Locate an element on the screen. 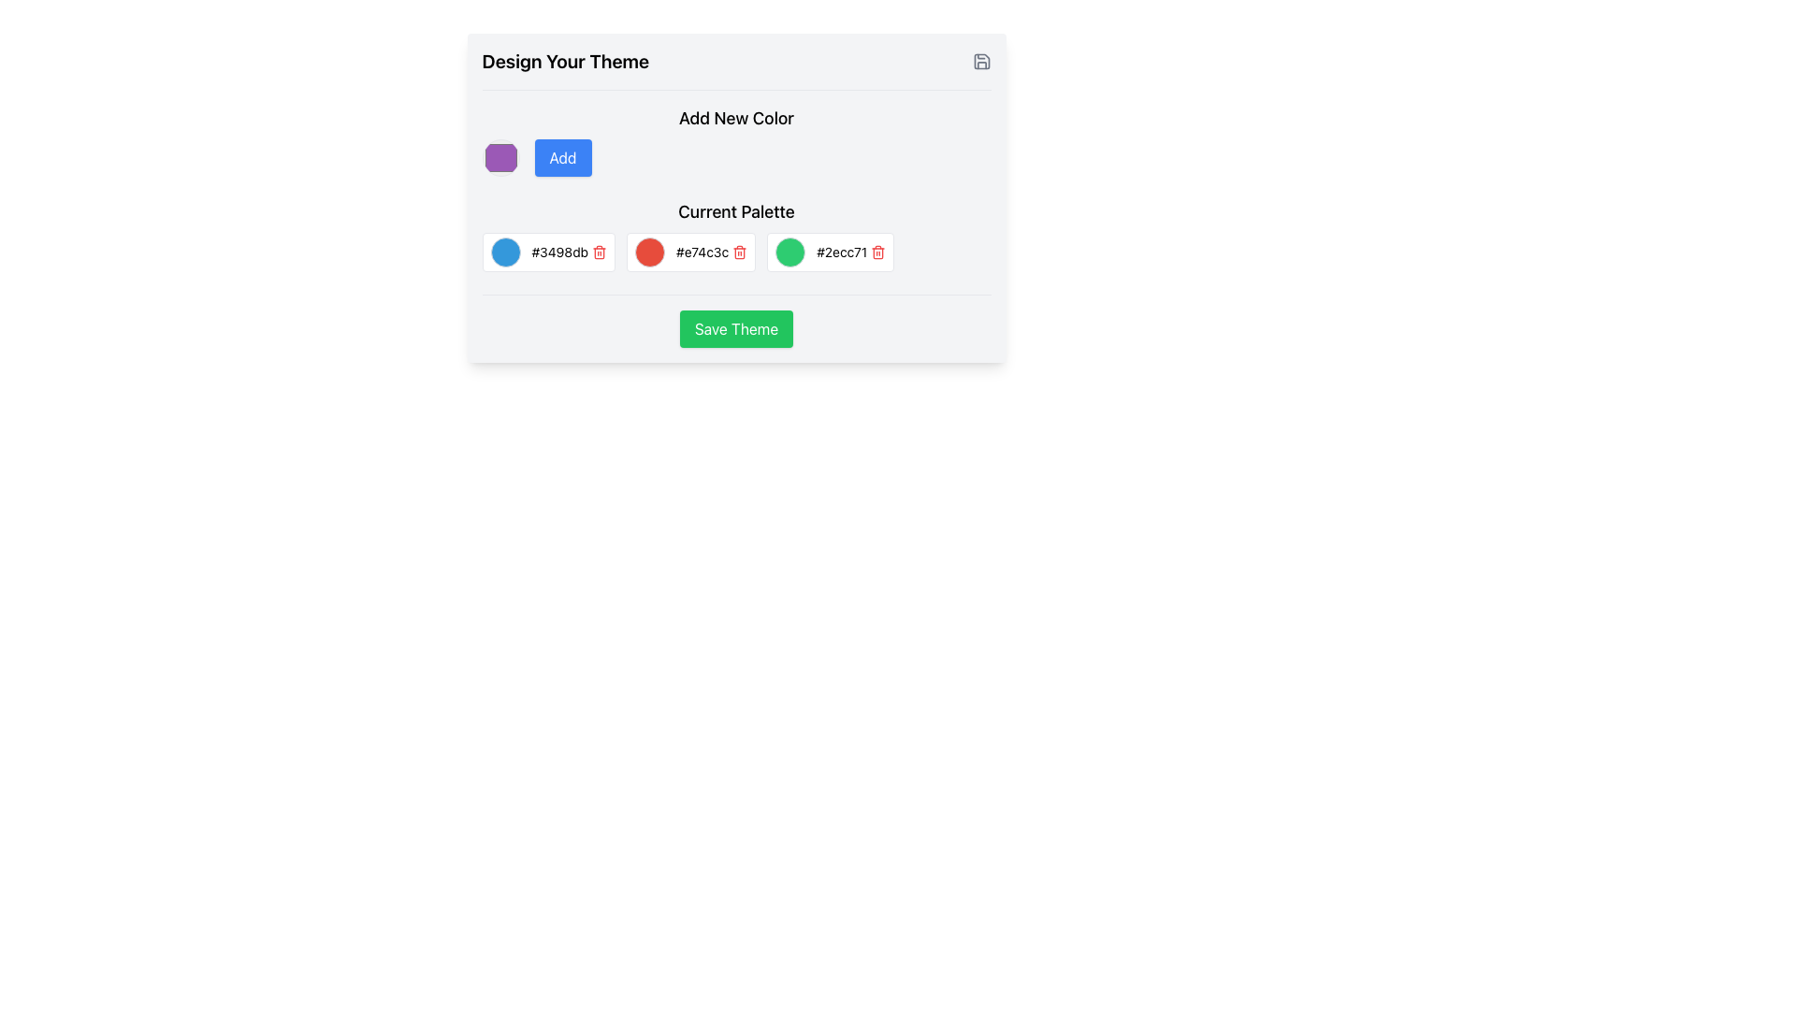  the save button located near the bottom-center of the interface to confirm and save the currently selected or edited color palette is located at coordinates (735, 327).